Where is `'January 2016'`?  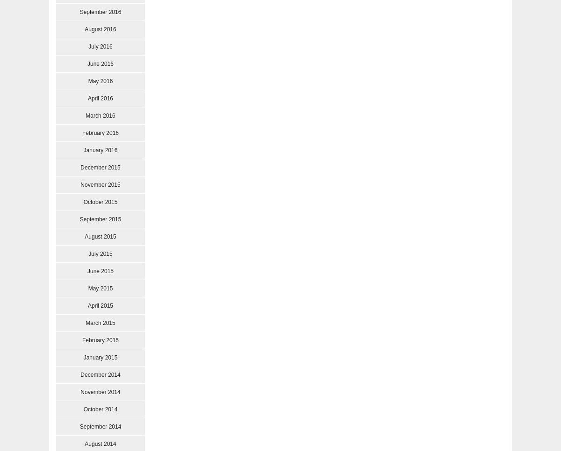
'January 2016' is located at coordinates (100, 150).